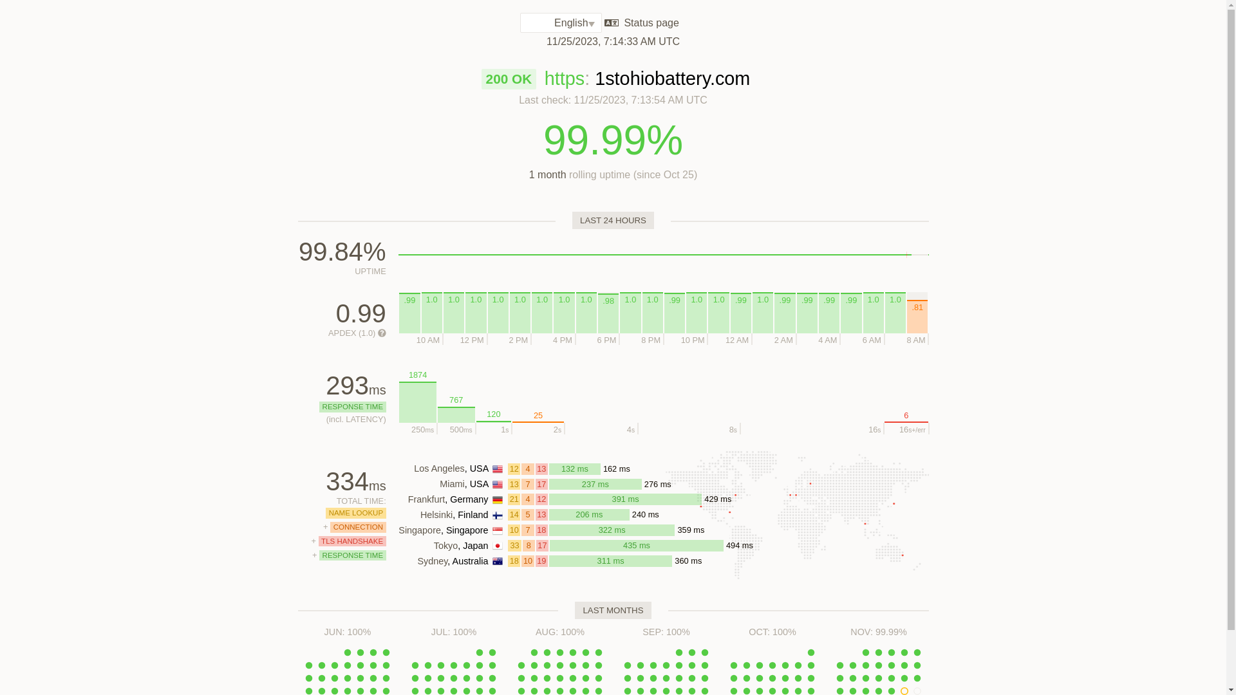  Describe the element at coordinates (465, 677) in the screenshot. I see `'<small>Jul 14:</small> No downtime'` at that location.